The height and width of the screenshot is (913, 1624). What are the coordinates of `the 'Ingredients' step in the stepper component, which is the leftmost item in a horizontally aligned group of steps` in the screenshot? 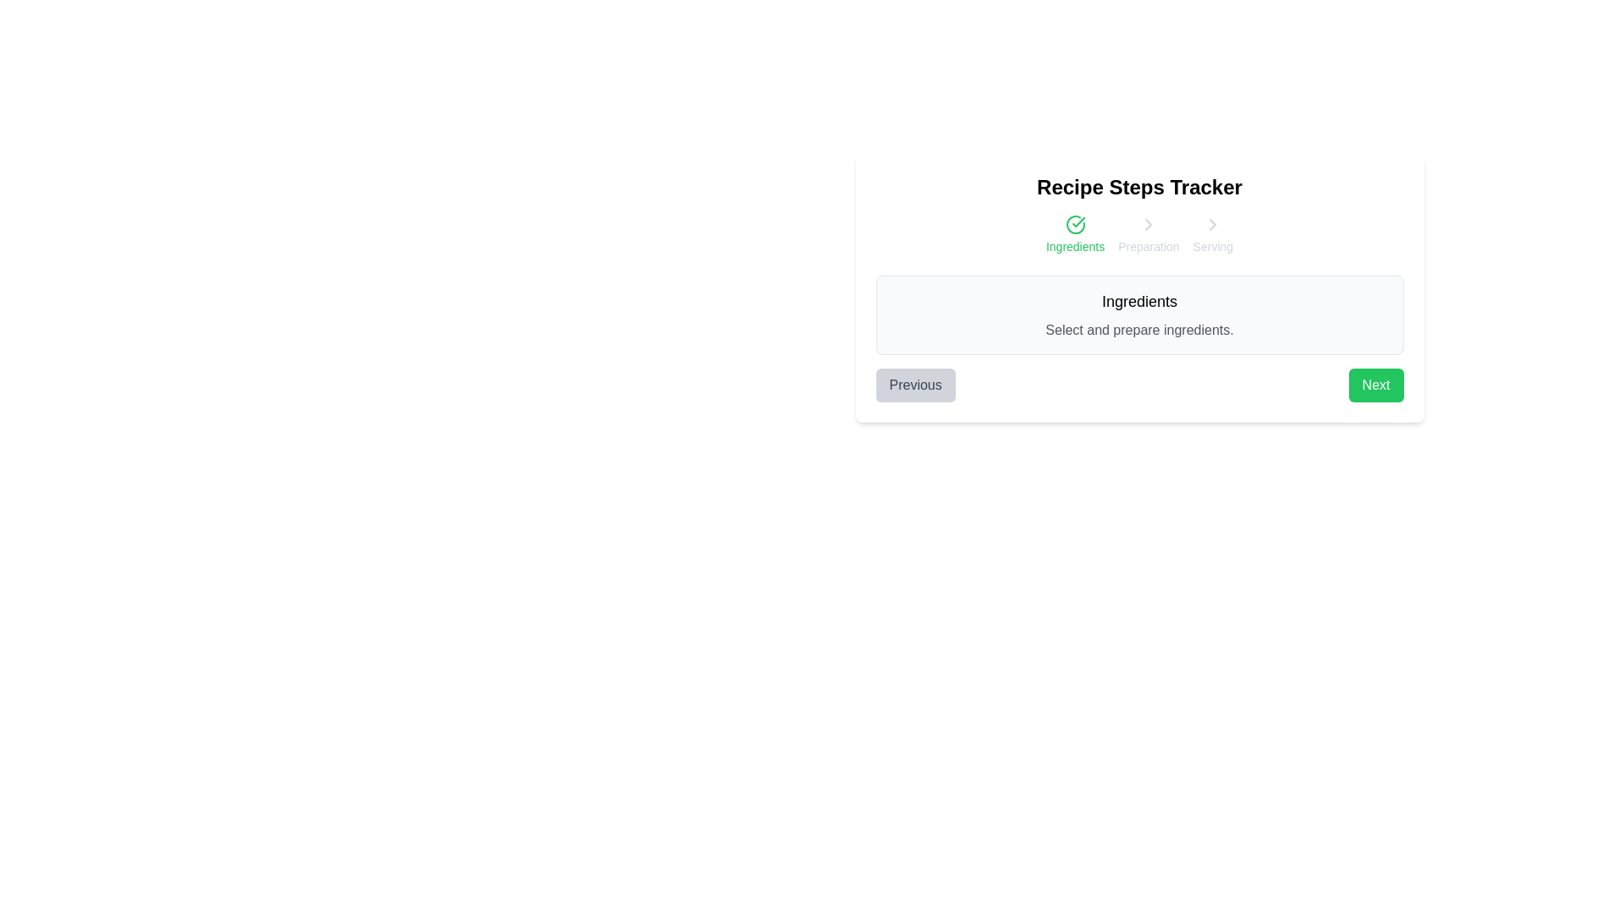 It's located at (1074, 234).